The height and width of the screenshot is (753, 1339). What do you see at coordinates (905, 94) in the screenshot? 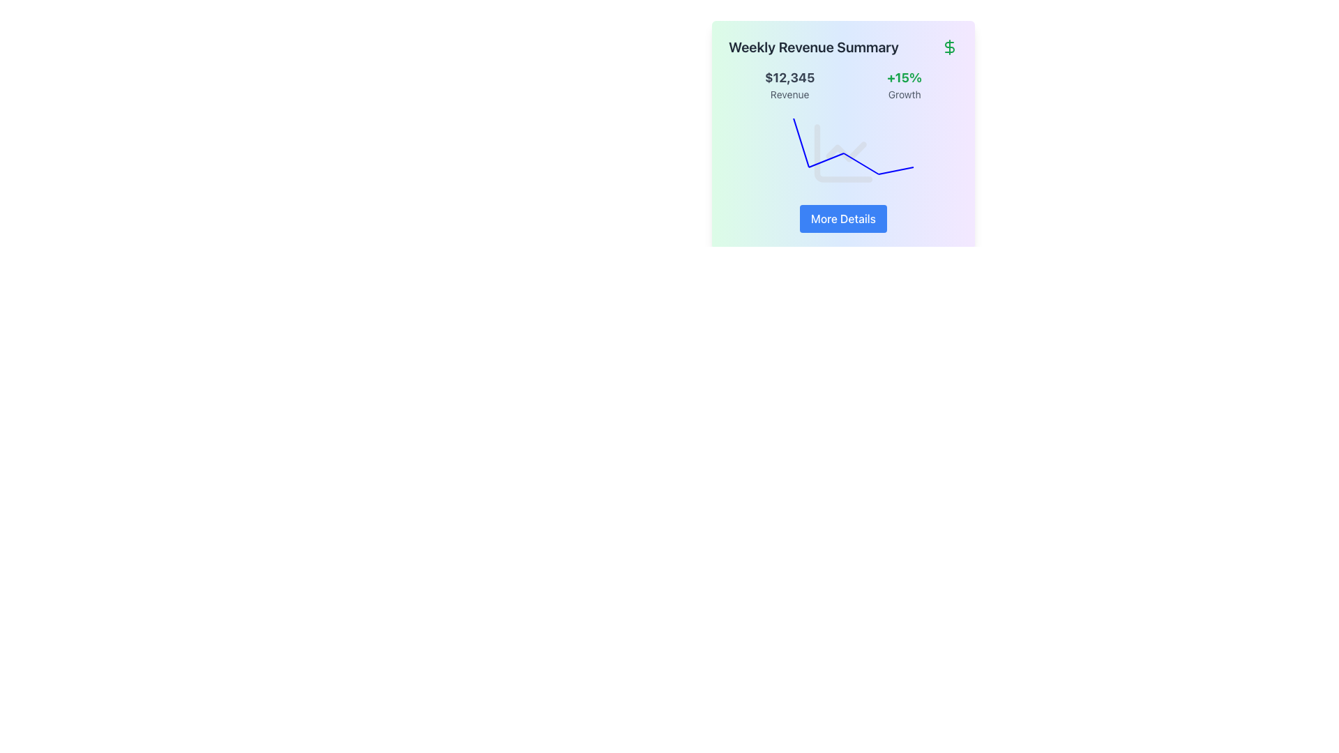
I see `the text label displaying the word 'Growth', which is styled in a small gray font and located below the '+15%' percentage text in the top-right corner of the card layout` at bounding box center [905, 94].